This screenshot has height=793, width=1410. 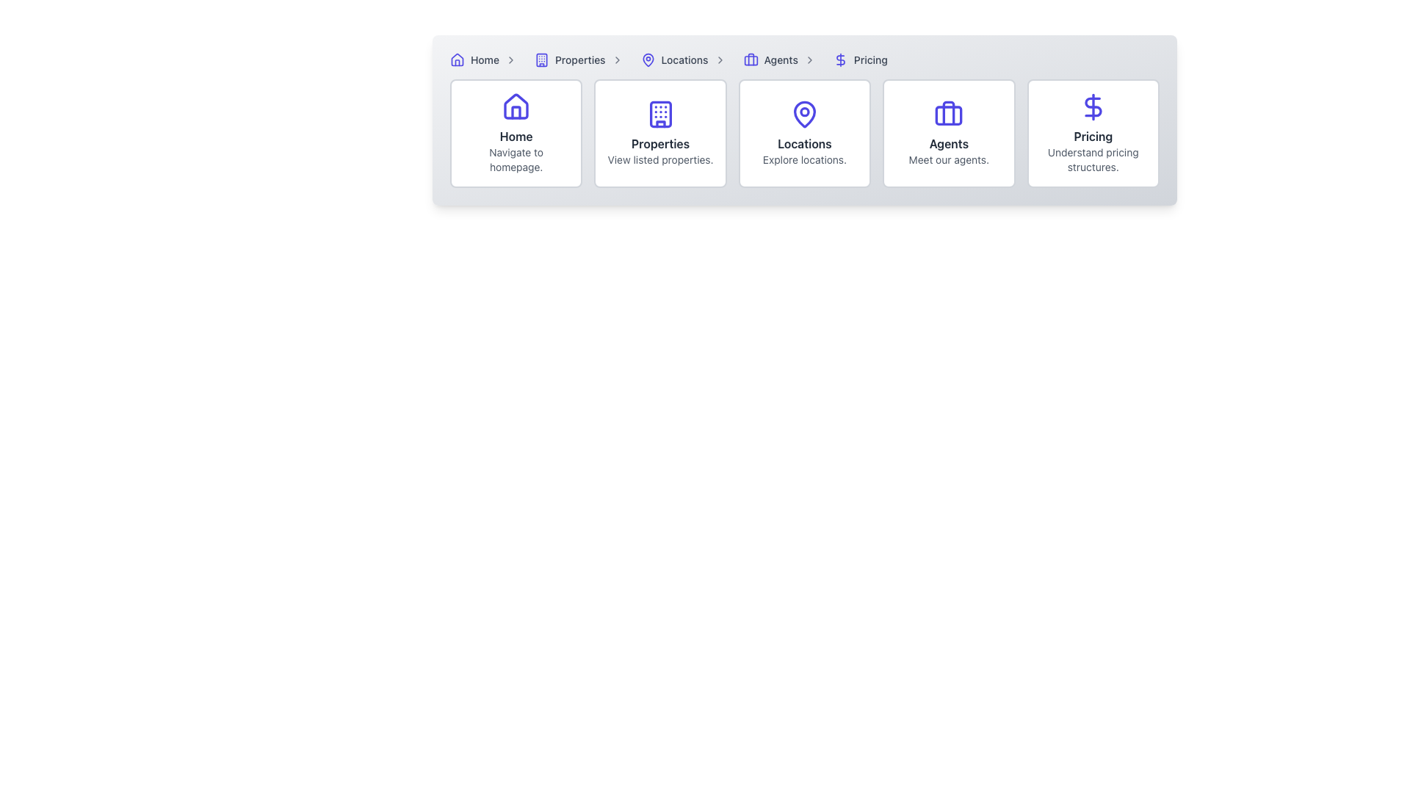 I want to click on the 'Pricing' link in the navigation bar, so click(x=870, y=59).